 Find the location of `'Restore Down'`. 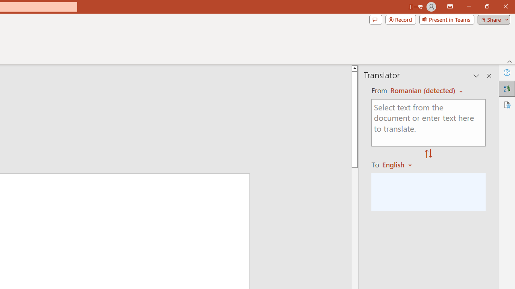

'Restore Down' is located at coordinates (486, 6).